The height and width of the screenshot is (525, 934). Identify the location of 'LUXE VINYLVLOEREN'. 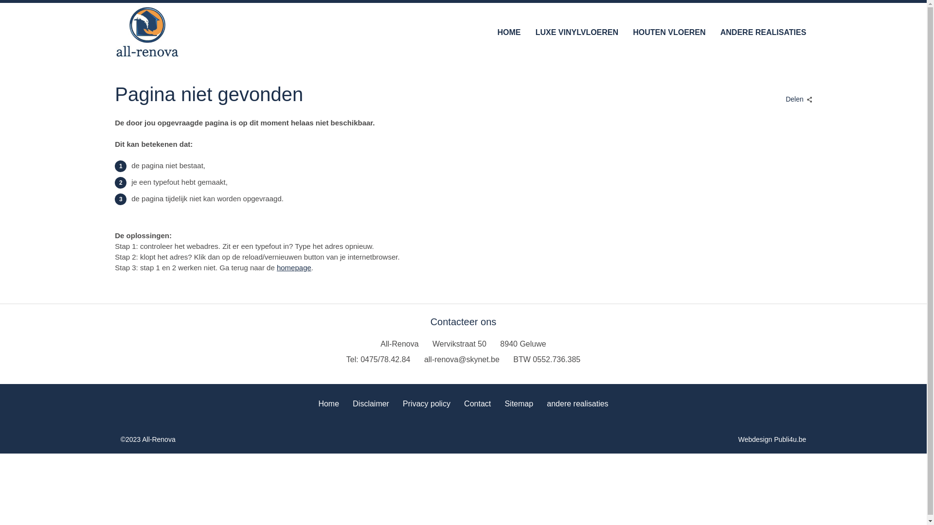
(576, 31).